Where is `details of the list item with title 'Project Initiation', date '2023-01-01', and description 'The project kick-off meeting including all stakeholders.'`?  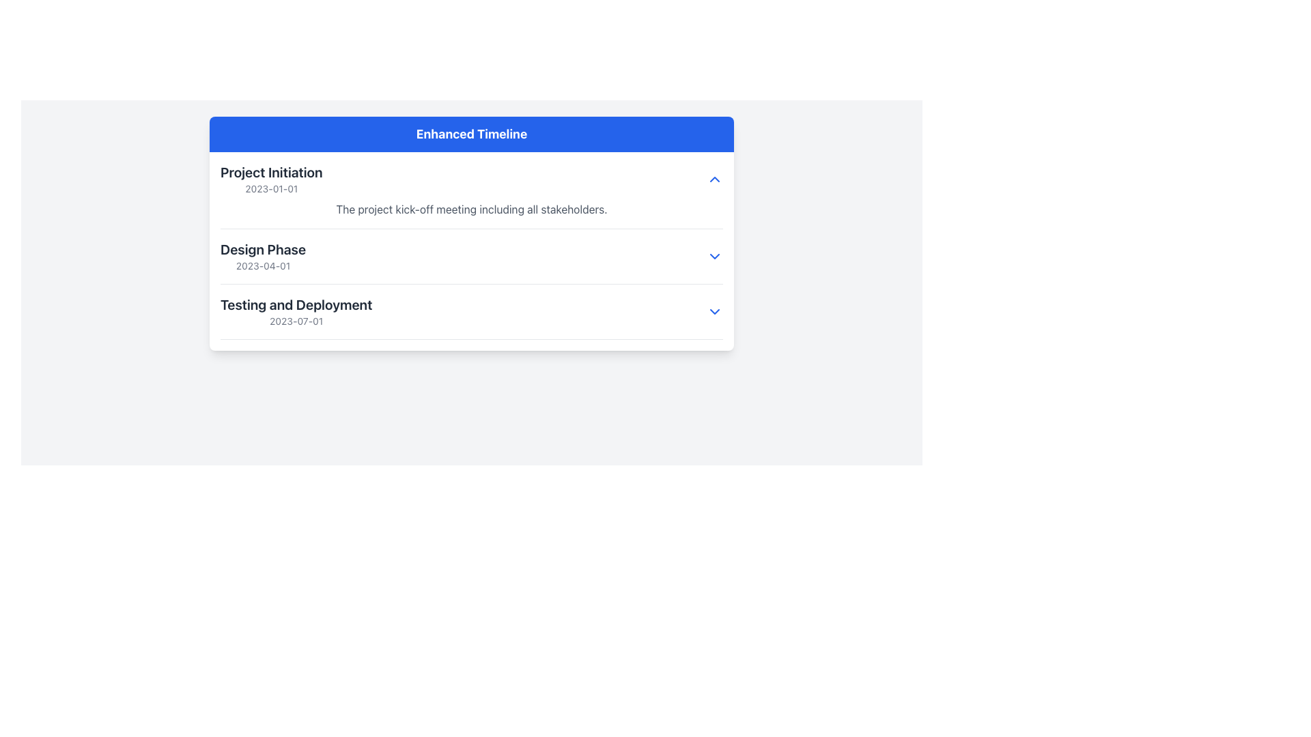
details of the list item with title 'Project Initiation', date '2023-01-01', and description 'The project kick-off meeting including all stakeholders.' is located at coordinates (472, 196).